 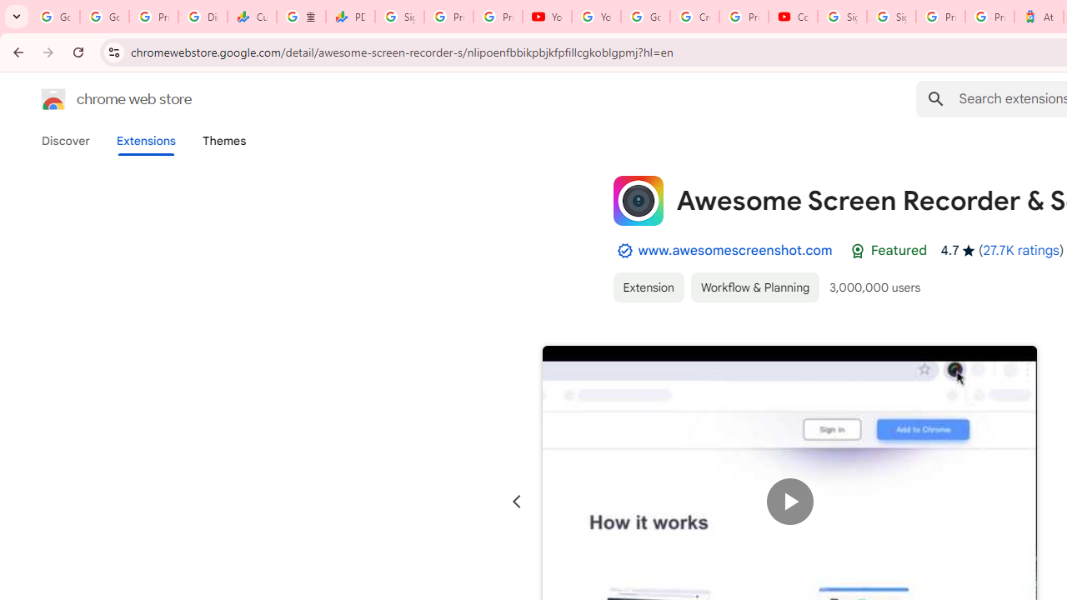 What do you see at coordinates (145, 140) in the screenshot?
I see `'Extensions'` at bounding box center [145, 140].